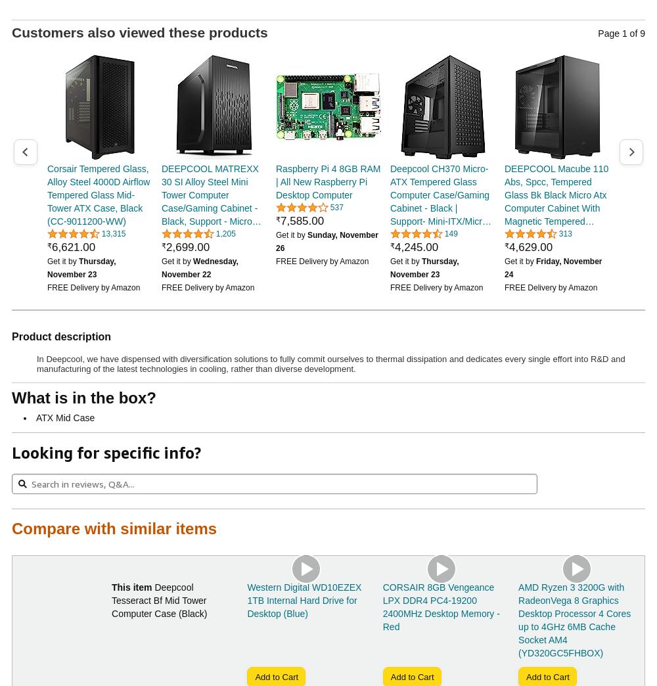 The image size is (657, 686). Describe the element at coordinates (304, 600) in the screenshot. I see `'Western Digital WD10EZEX 1TB Internal Hard Drive for Desktop (Blue)'` at that location.